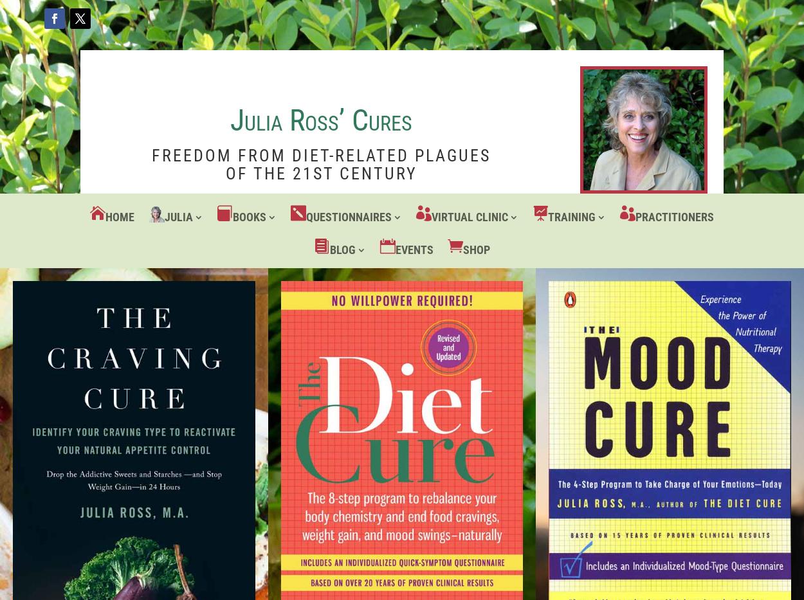  I want to click on 'Insomnia Eradication', so click(467, 340).